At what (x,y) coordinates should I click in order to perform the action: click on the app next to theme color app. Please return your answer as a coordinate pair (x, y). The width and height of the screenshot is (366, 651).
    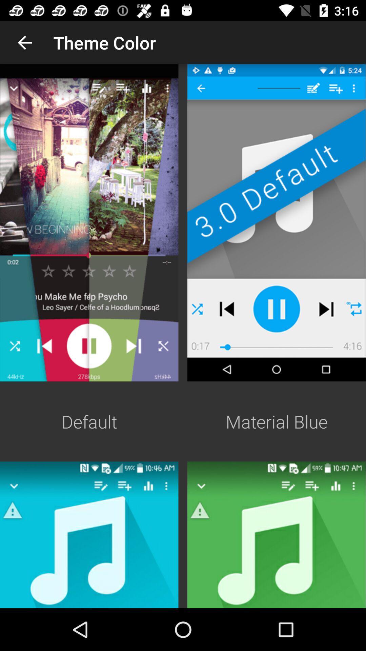
    Looking at the image, I should click on (24, 42).